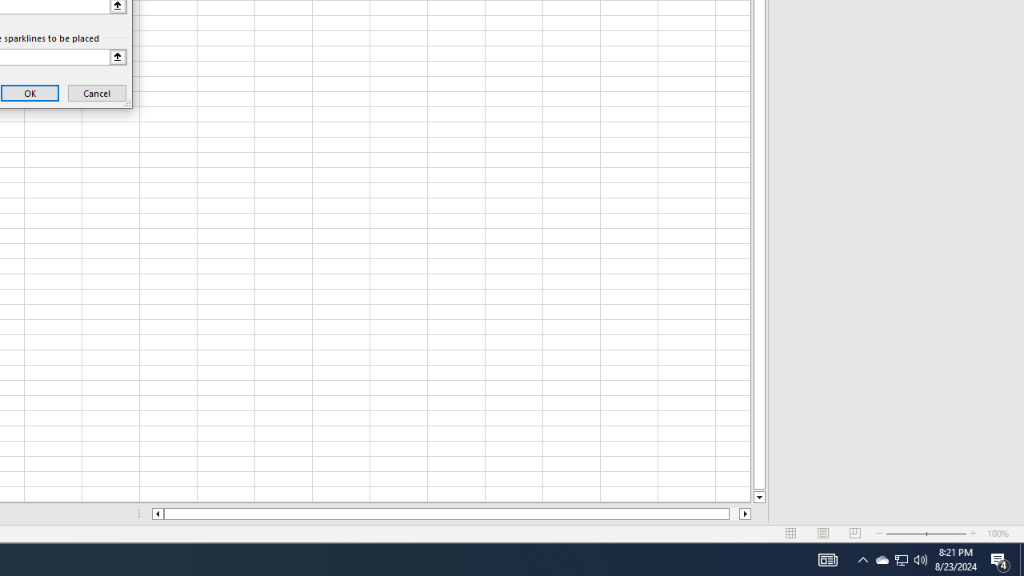  I want to click on 'AutomationID: 4105', so click(827, 558).